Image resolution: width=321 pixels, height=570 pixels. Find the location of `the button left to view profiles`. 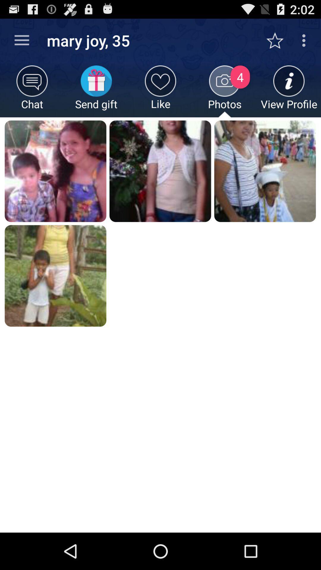

the button left to view profiles is located at coordinates (225, 91).